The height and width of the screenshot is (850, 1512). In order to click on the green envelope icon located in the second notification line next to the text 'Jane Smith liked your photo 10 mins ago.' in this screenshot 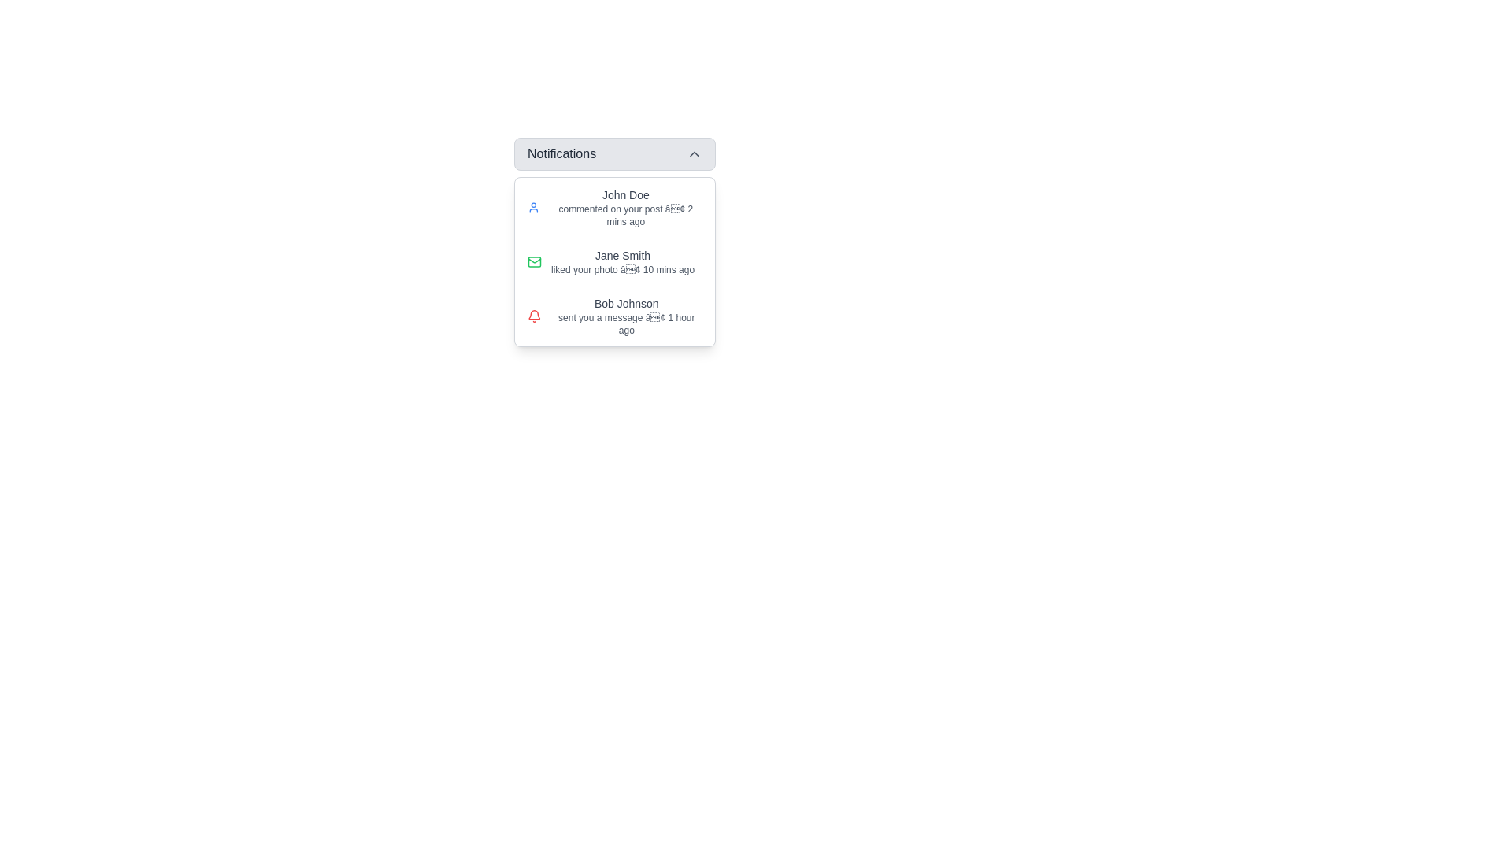, I will do `click(534, 261)`.